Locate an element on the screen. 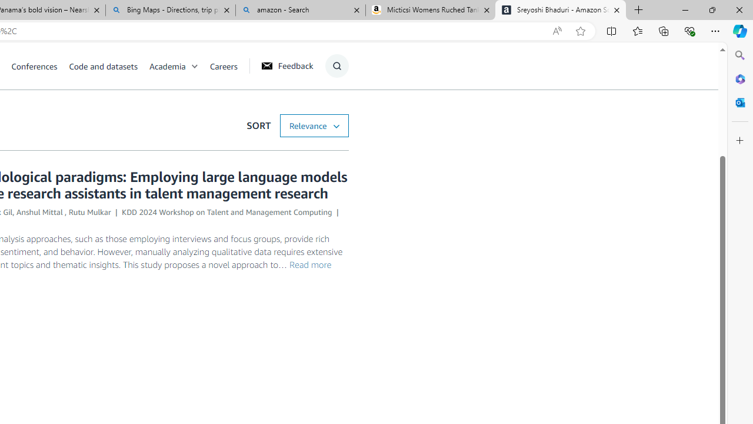 The width and height of the screenshot is (753, 424). 'Academia' is located at coordinates (166, 65).